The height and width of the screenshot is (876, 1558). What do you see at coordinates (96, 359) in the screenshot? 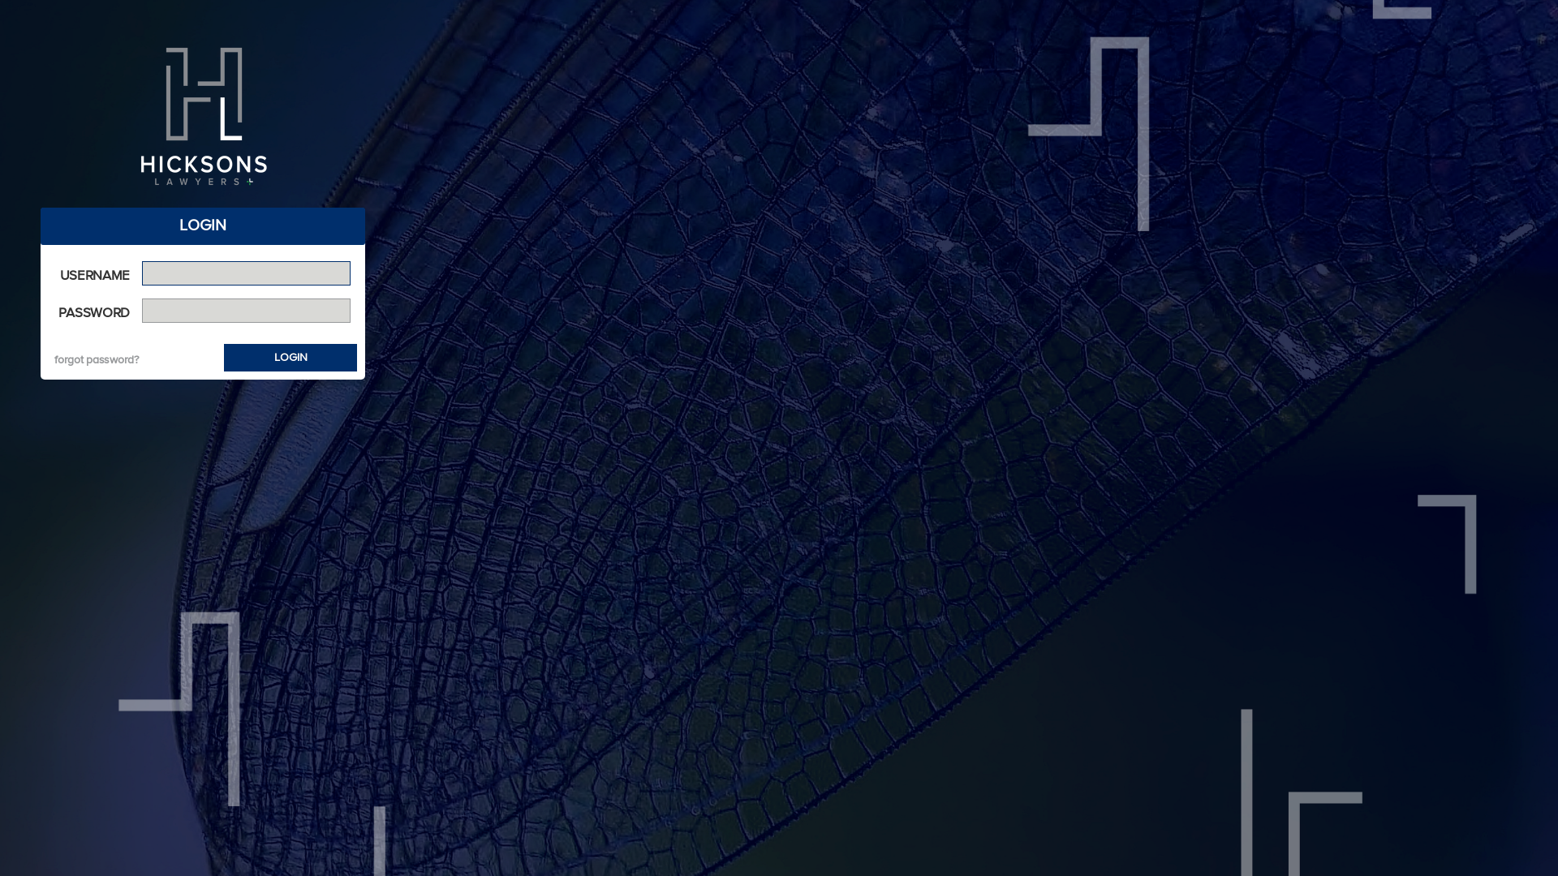
I see `'forgot password?'` at bounding box center [96, 359].